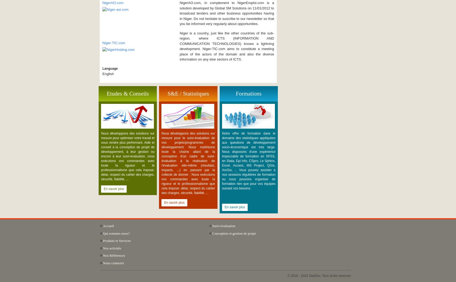 Image resolution: width=456 pixels, height=282 pixels. What do you see at coordinates (235, 93) in the screenshot?
I see `'Formations'` at bounding box center [235, 93].